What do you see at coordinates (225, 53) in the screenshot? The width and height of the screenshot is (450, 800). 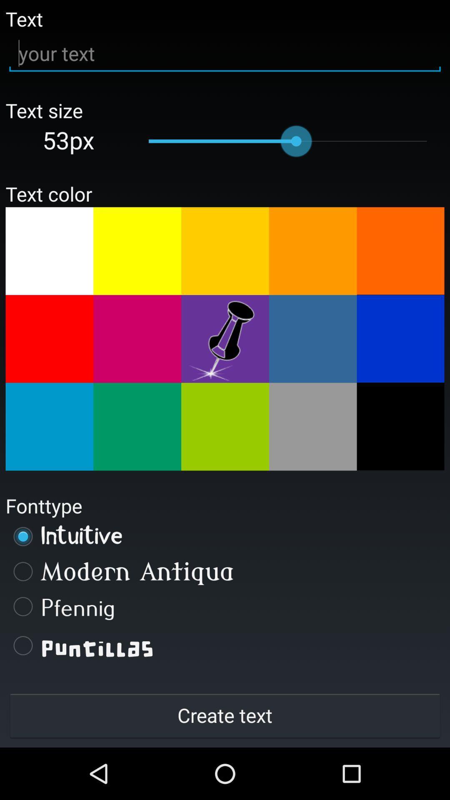 I see `your input text here` at bounding box center [225, 53].